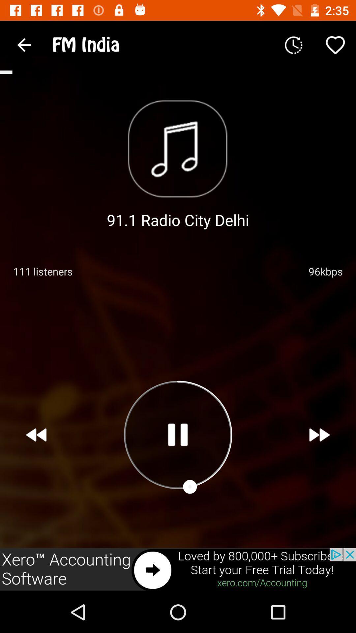  What do you see at coordinates (177, 435) in the screenshot?
I see `the pause icon` at bounding box center [177, 435].